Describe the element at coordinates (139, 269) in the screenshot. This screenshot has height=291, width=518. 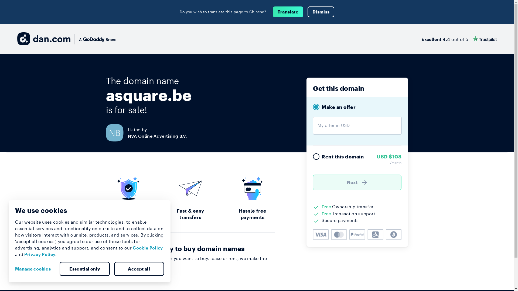
I see `'Accept all'` at that location.